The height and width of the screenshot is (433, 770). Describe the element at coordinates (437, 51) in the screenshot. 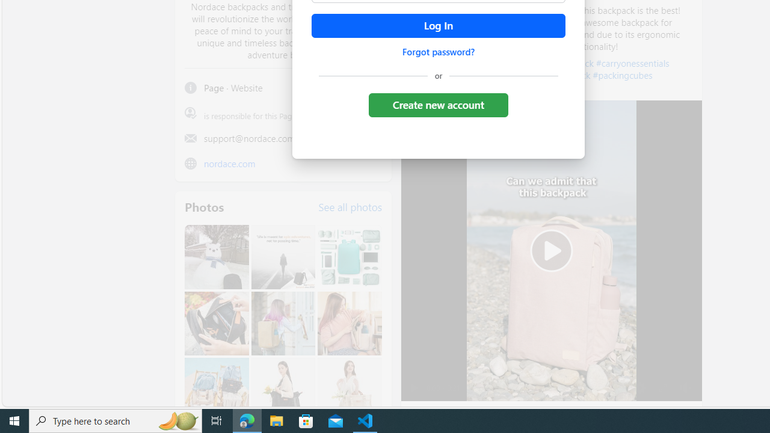

I see `'Forgot password?'` at that location.